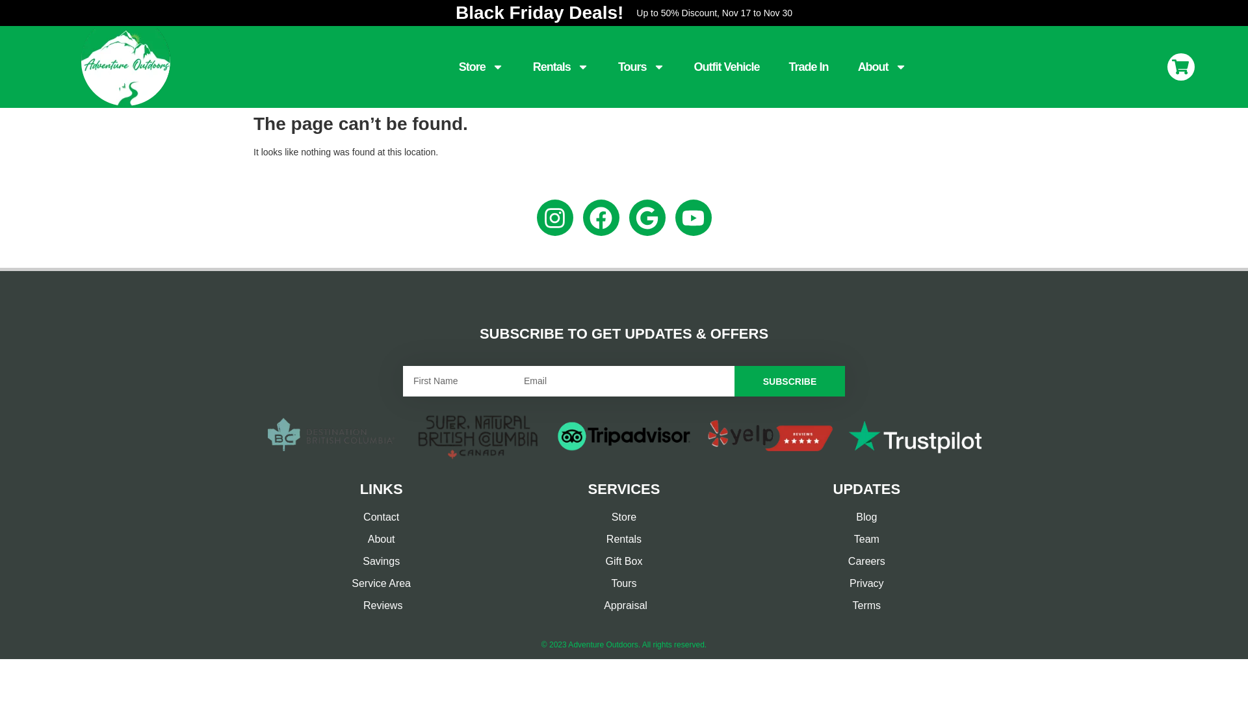 Image resolution: width=1248 pixels, height=702 pixels. What do you see at coordinates (734, 380) in the screenshot?
I see `'SUBSCRIBE'` at bounding box center [734, 380].